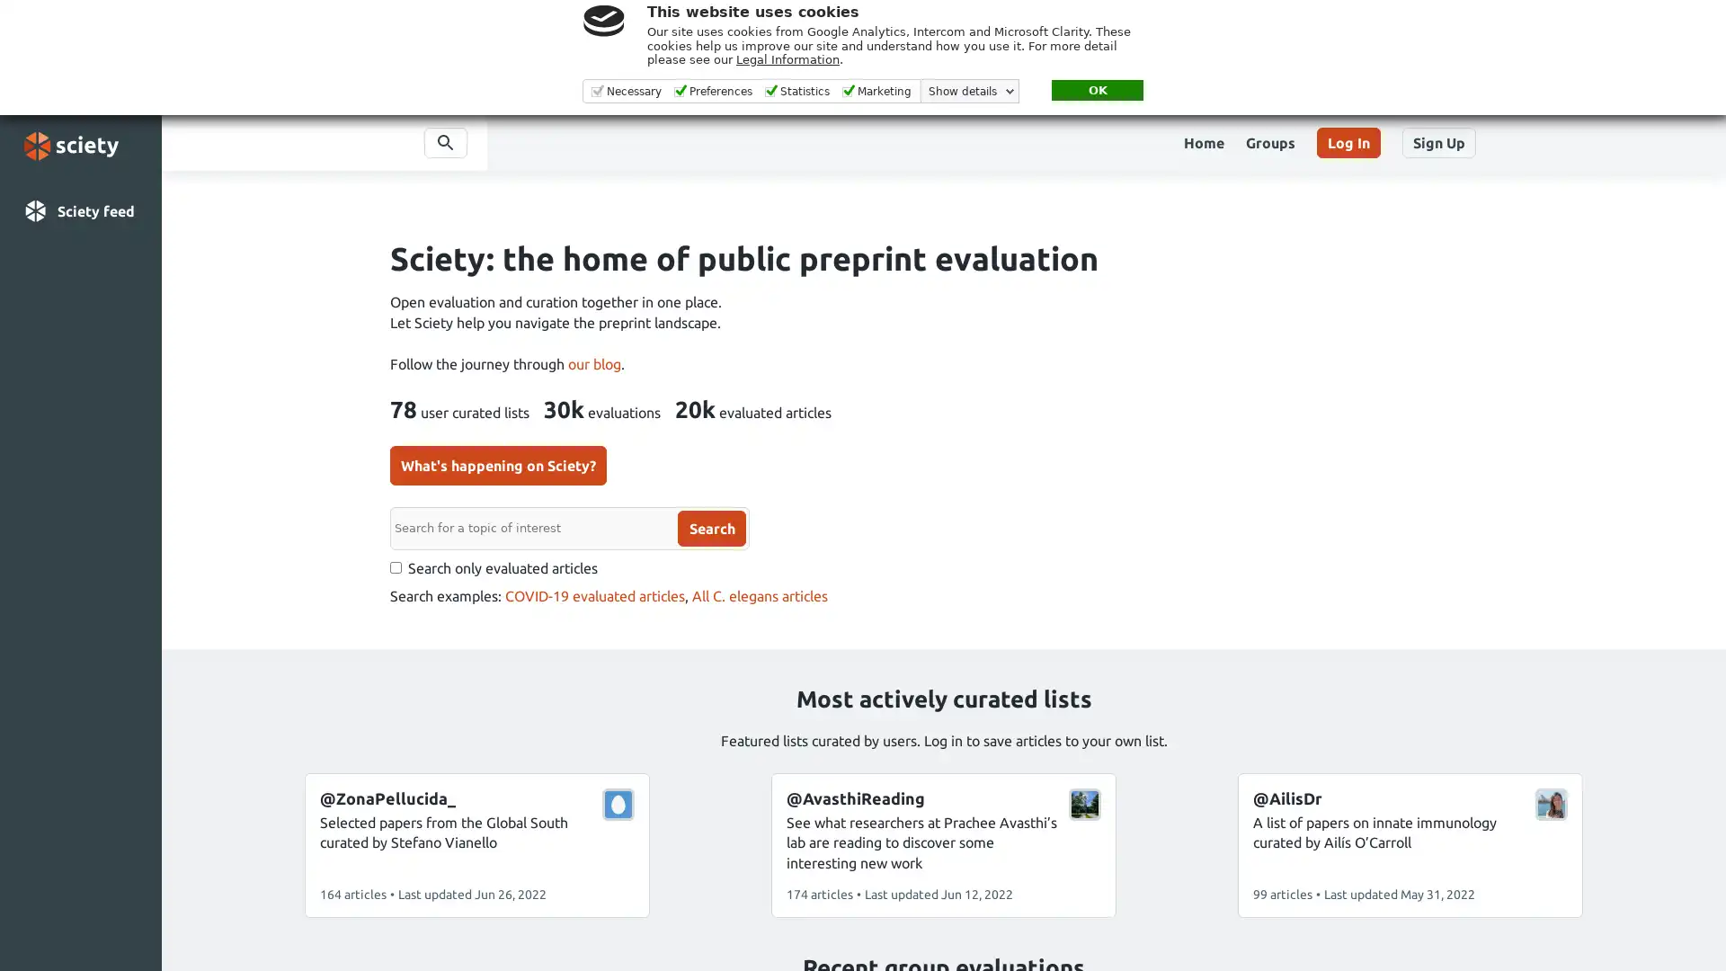 The height and width of the screenshot is (971, 1726). I want to click on Reset, so click(482, 555).